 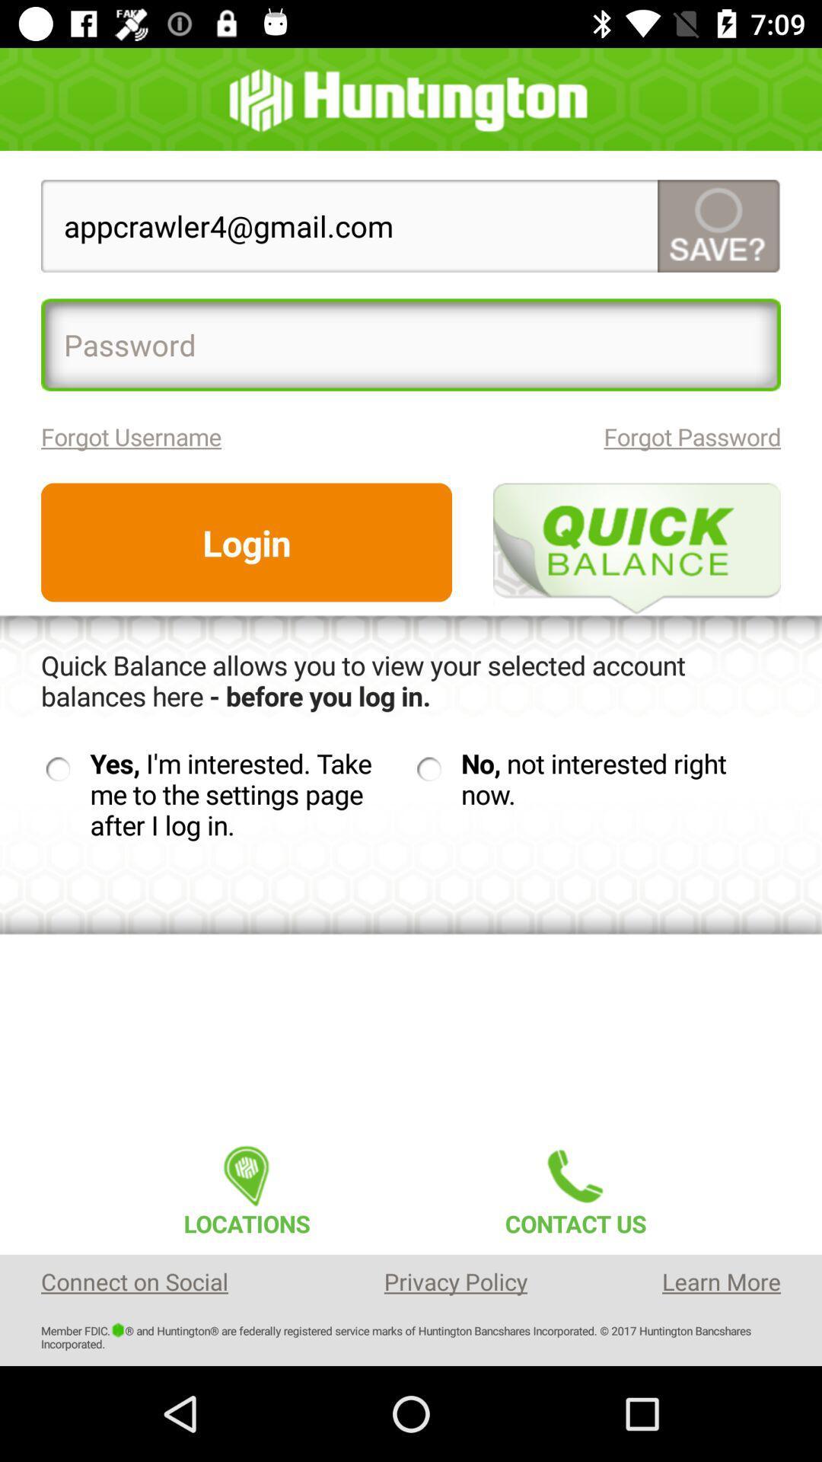 What do you see at coordinates (575, 1186) in the screenshot?
I see `icon below the no not interested icon` at bounding box center [575, 1186].